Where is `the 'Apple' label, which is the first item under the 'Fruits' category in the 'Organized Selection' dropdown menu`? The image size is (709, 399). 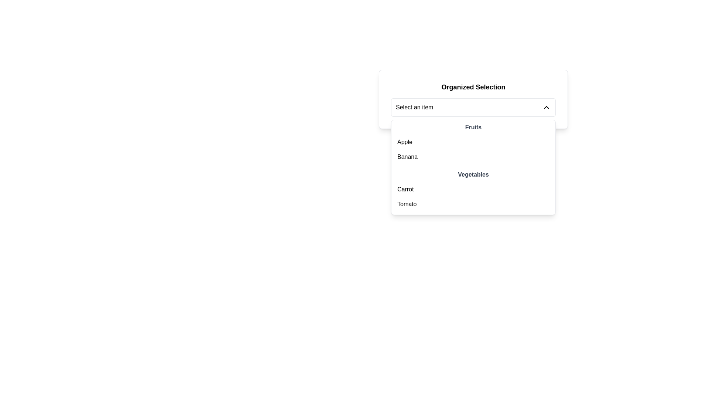 the 'Apple' label, which is the first item under the 'Fruits' category in the 'Organized Selection' dropdown menu is located at coordinates (404, 142).